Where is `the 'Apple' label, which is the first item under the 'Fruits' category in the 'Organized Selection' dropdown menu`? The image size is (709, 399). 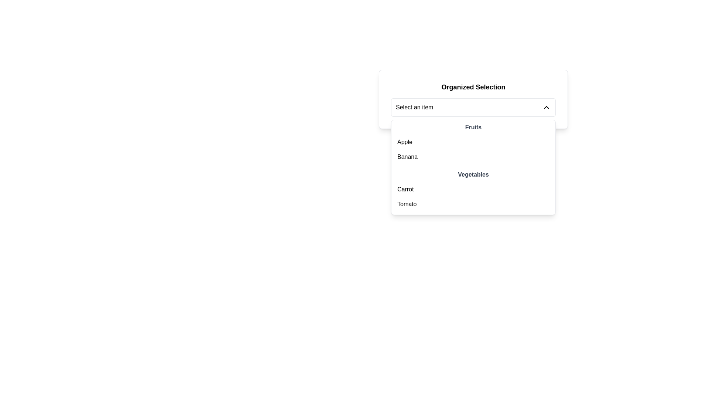 the 'Apple' label, which is the first item under the 'Fruits' category in the 'Organized Selection' dropdown menu is located at coordinates (404, 142).